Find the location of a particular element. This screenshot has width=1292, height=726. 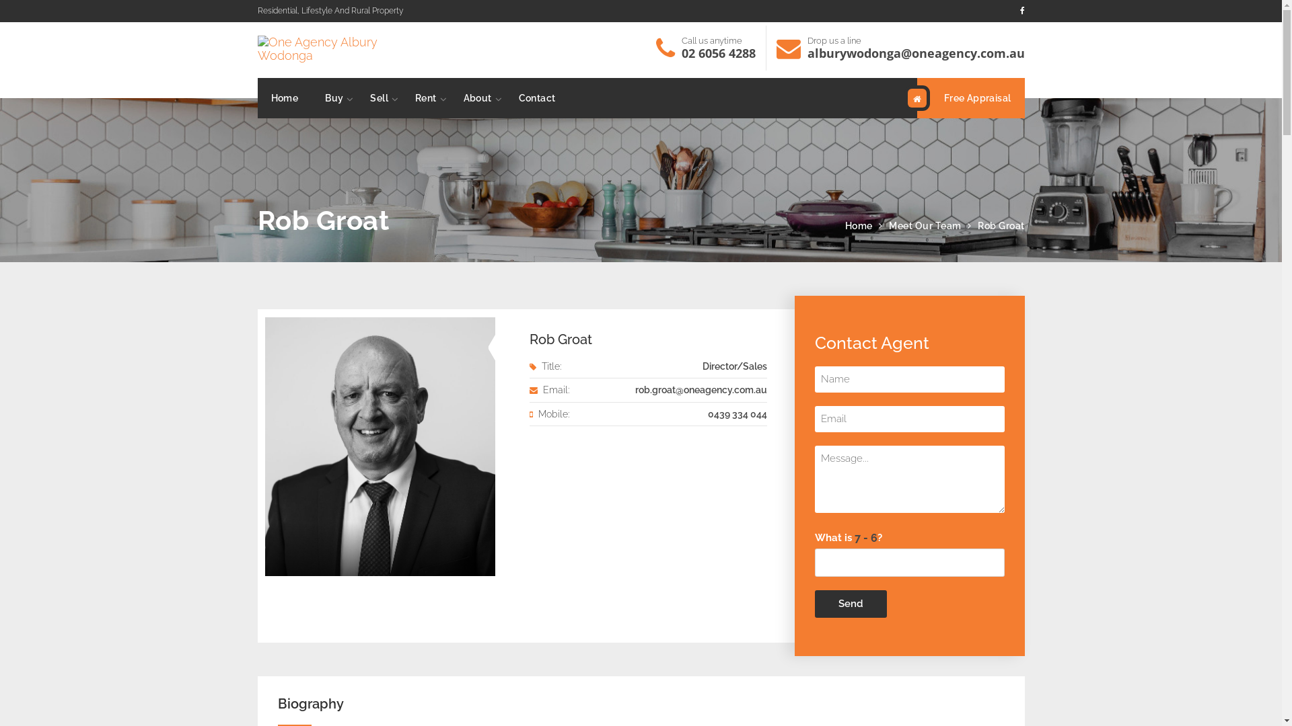

'02 6056 4288' is located at coordinates (681, 52).